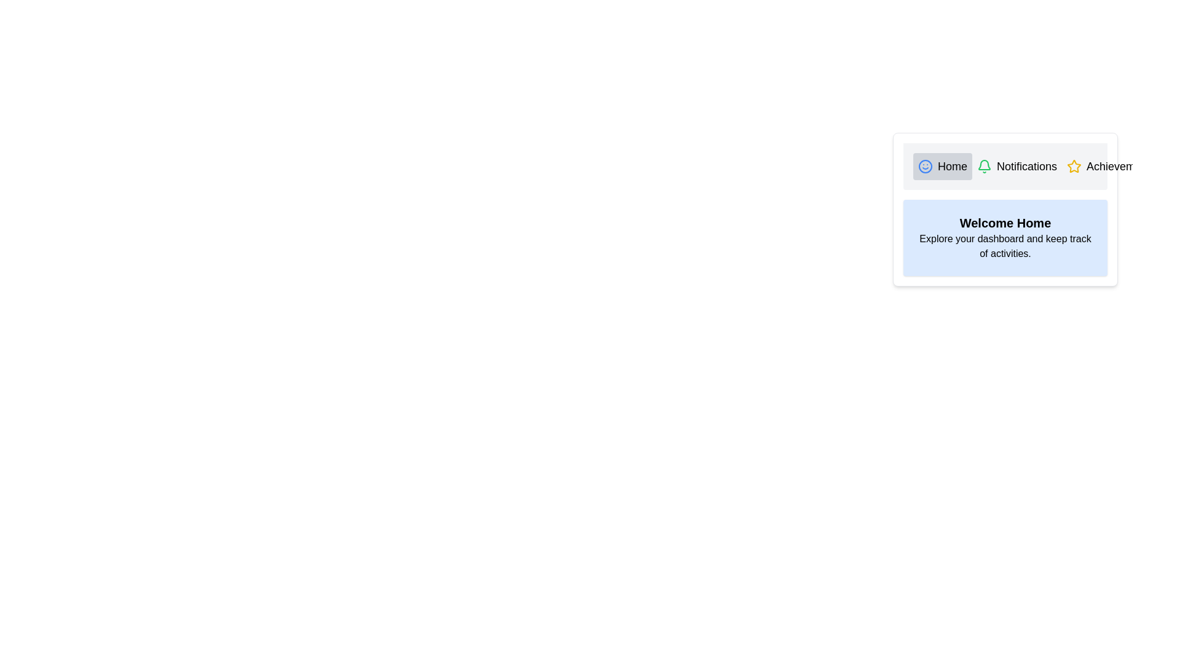 The width and height of the screenshot is (1180, 664). I want to click on the tab labeled Home, so click(942, 166).